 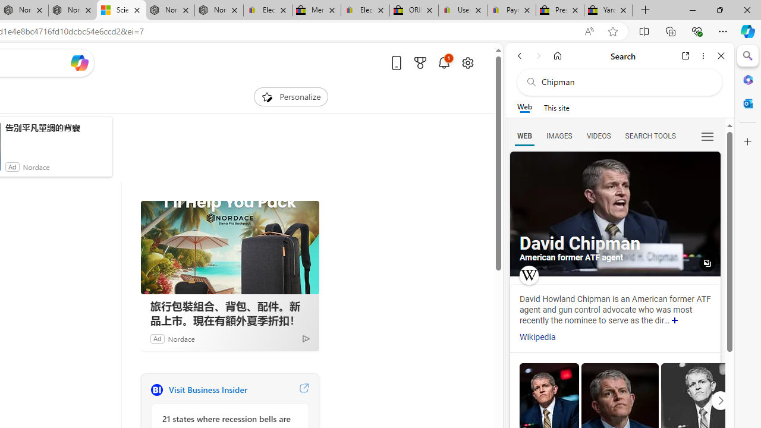 I want to click on 'This site scope', so click(x=556, y=107).